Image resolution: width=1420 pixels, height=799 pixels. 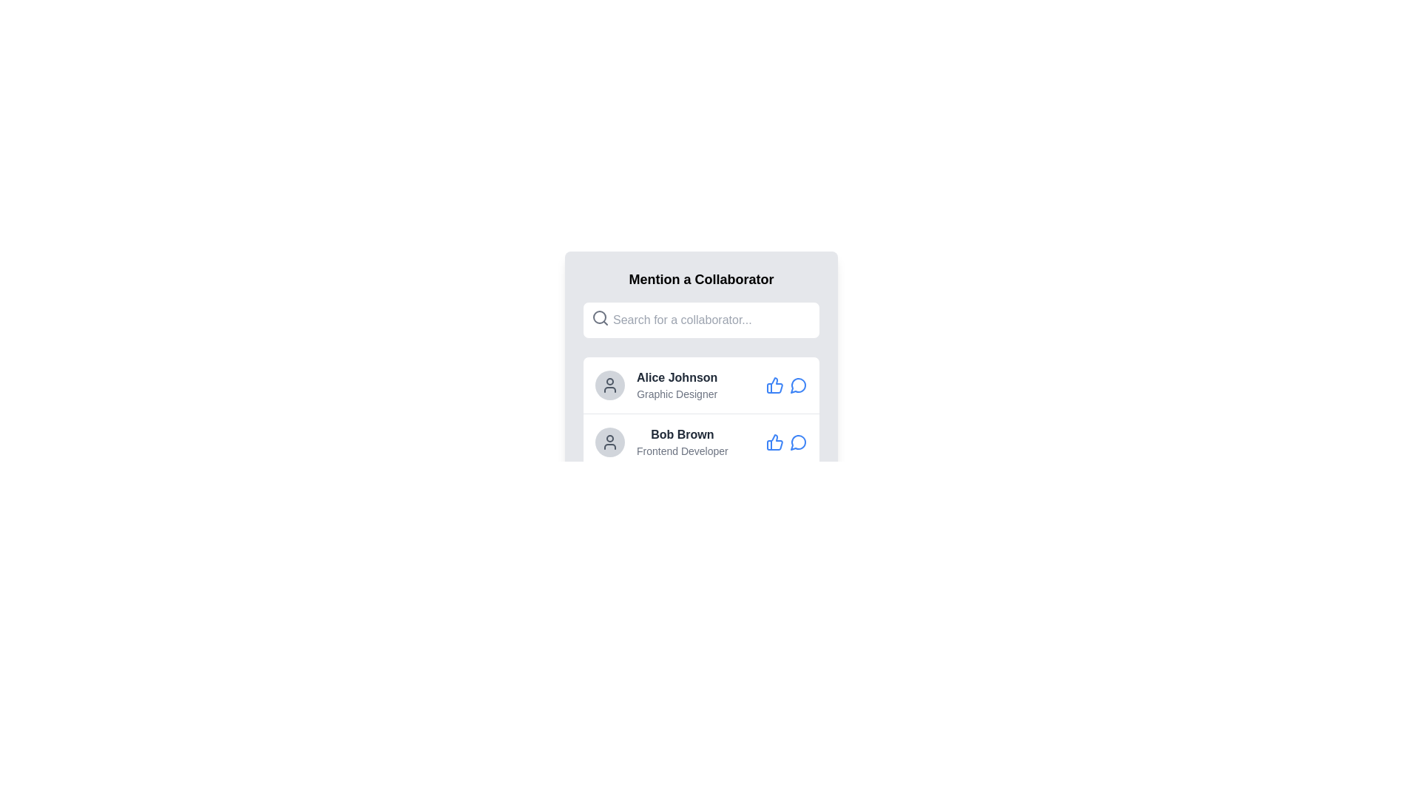 What do you see at coordinates (610, 384) in the screenshot?
I see `the circular avatar icon with a gray background and a user silhouette, located to the left of 'Alice Johnson Graphic Designer'` at bounding box center [610, 384].